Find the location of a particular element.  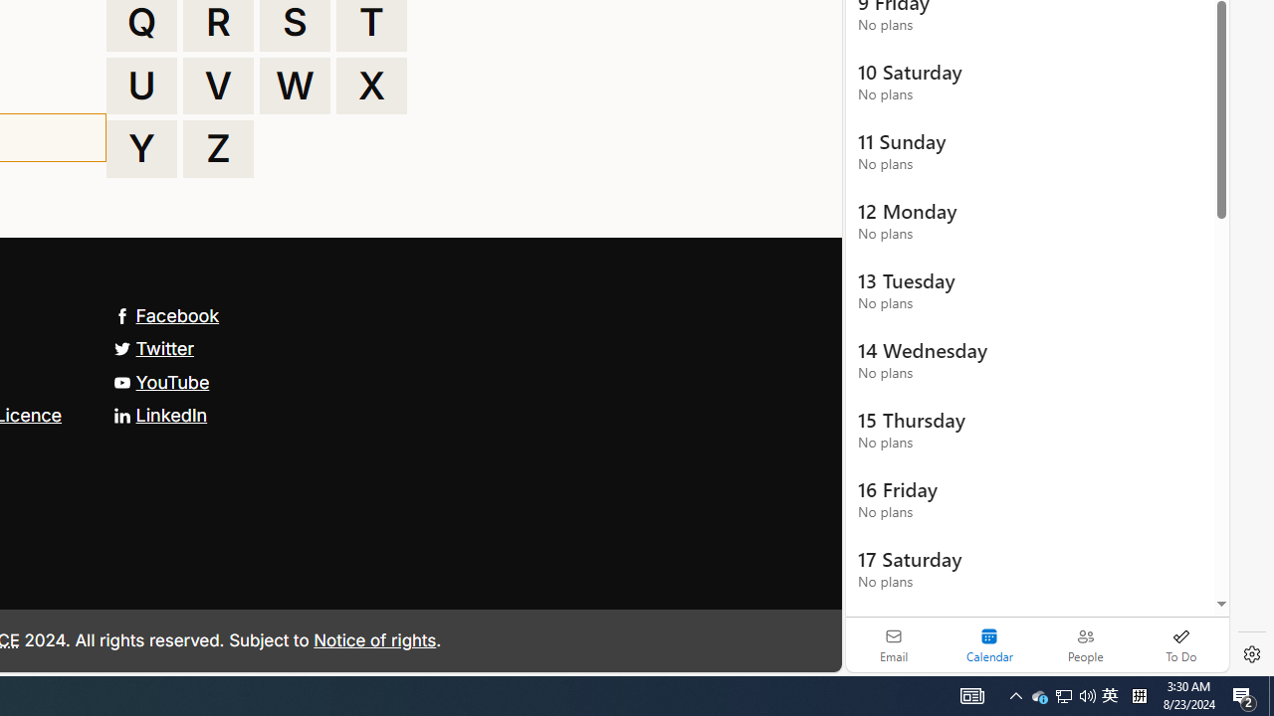

'U' is located at coordinates (140, 85).